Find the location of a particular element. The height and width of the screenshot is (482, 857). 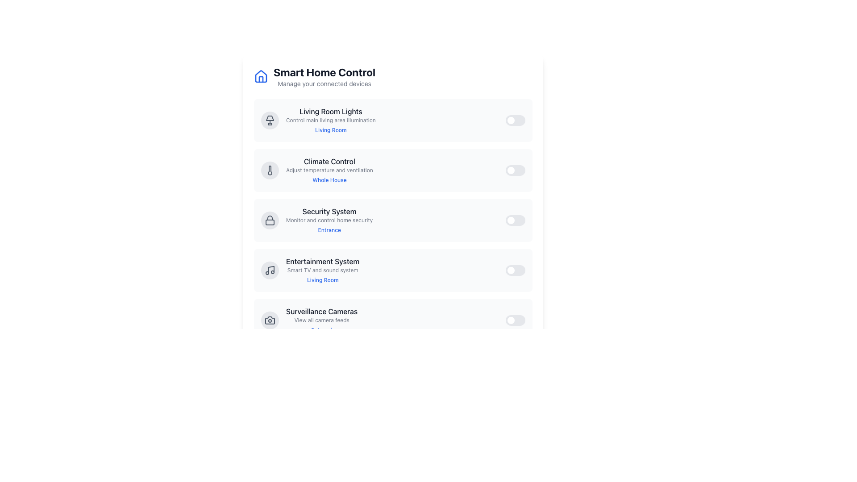

the toggle switch indicator, which is a small circular element with a white background located on the left side of the toggle switch for 'Living Room Lights' is located at coordinates (511, 120).